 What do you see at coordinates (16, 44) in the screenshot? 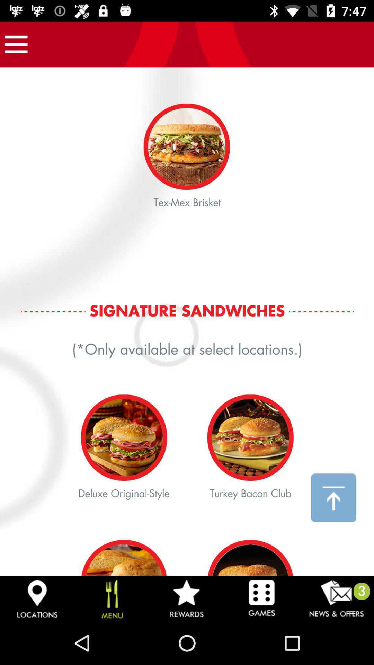
I see `menu icon` at bounding box center [16, 44].